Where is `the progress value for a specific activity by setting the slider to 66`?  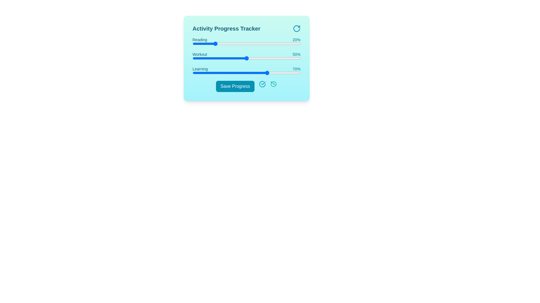 the progress value for a specific activity by setting the slider to 66 is located at coordinates (263, 43).